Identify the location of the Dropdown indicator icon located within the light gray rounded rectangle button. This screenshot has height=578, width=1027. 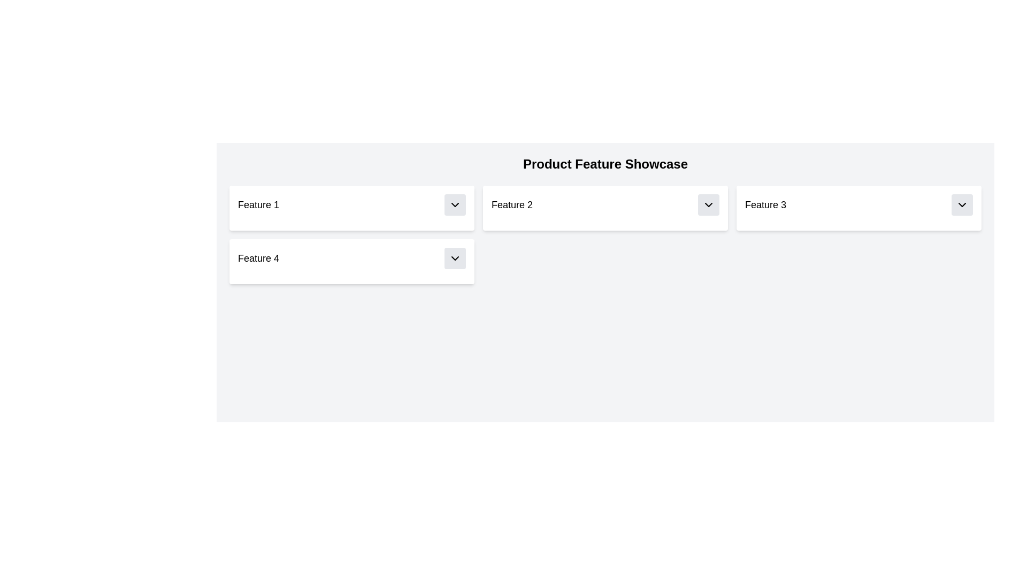
(708, 204).